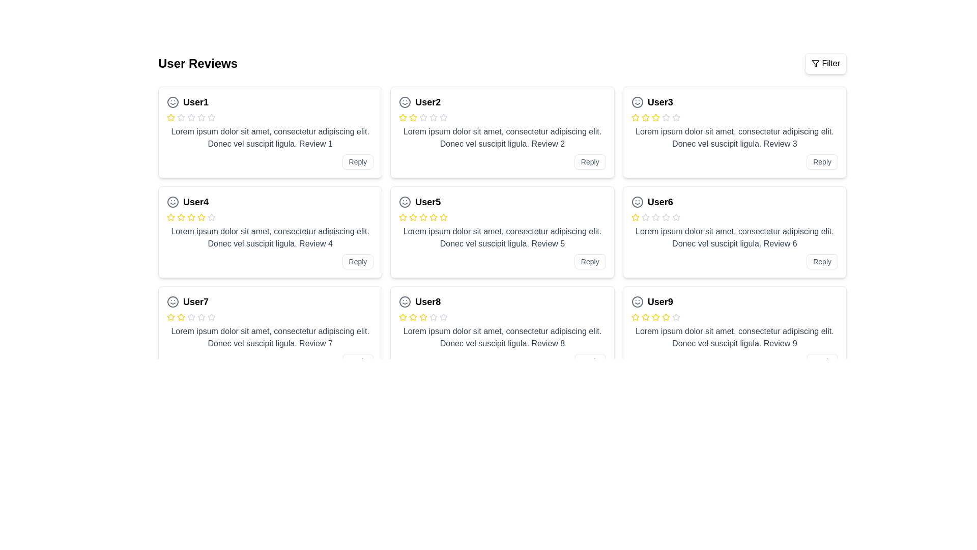  I want to click on the first star icon in the user's rating section that indicates User4's rating, so click(171, 217).